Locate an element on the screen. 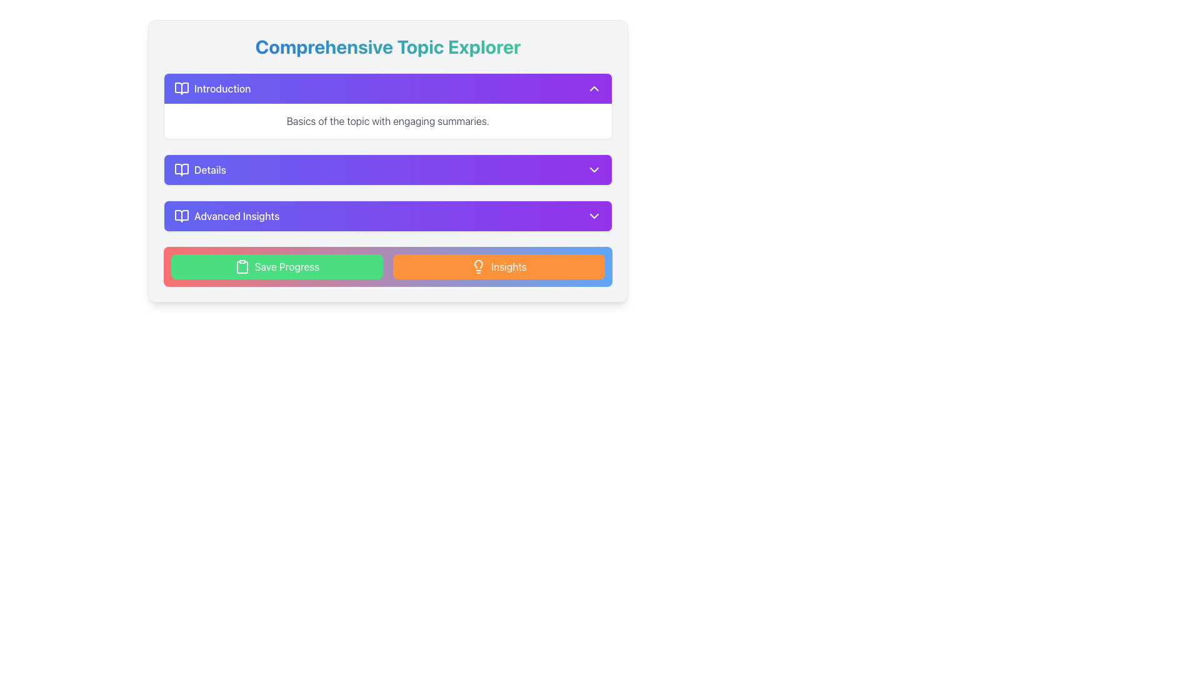  the button labeled 'Insights' which contains the lightbulb icon on its left side, located in the bottom right corner of the interface is located at coordinates (478, 266).